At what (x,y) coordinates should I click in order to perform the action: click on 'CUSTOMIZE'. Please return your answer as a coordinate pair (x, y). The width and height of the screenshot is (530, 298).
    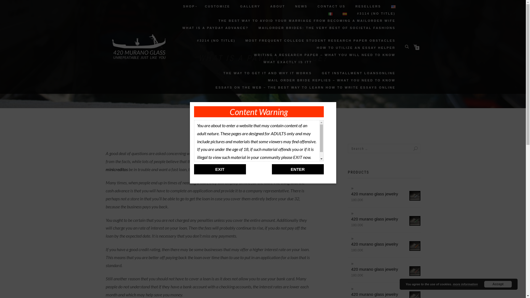
    Looking at the image, I should click on (217, 6).